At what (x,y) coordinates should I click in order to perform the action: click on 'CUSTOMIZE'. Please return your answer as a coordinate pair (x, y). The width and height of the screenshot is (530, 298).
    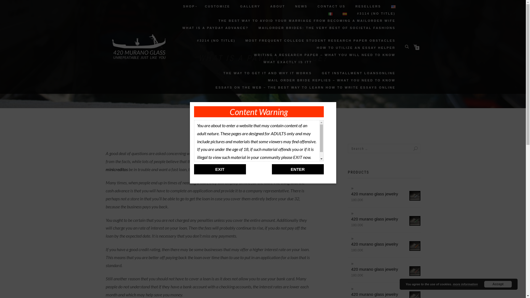
    Looking at the image, I should click on (217, 6).